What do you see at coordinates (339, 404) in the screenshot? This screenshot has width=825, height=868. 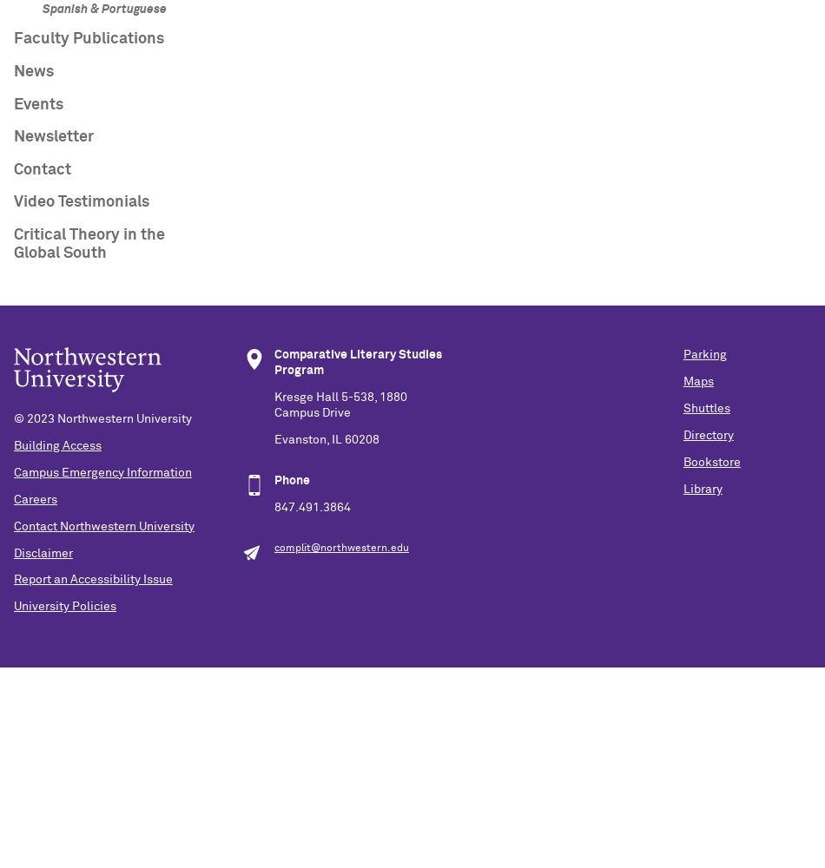 I see `'Kresge Hall 5-538, 1880 Campus Drive'` at bounding box center [339, 404].